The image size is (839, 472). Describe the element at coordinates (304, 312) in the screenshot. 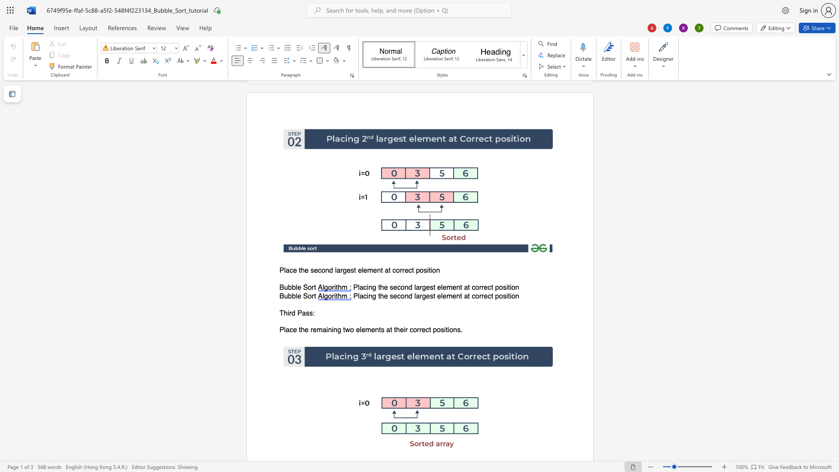

I see `the 1th character "a" in the text` at that location.